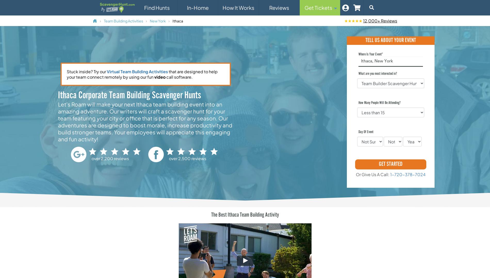 Image resolution: width=490 pixels, height=278 pixels. I want to click on 'over 2,200 reviews', so click(91, 158).